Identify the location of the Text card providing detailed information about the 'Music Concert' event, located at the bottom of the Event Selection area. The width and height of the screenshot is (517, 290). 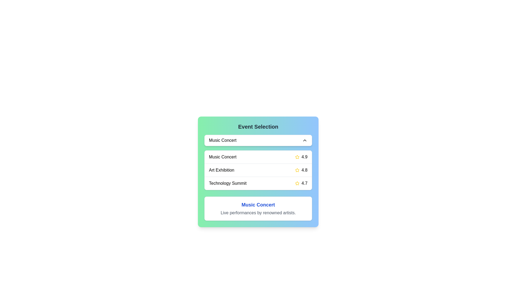
(258, 208).